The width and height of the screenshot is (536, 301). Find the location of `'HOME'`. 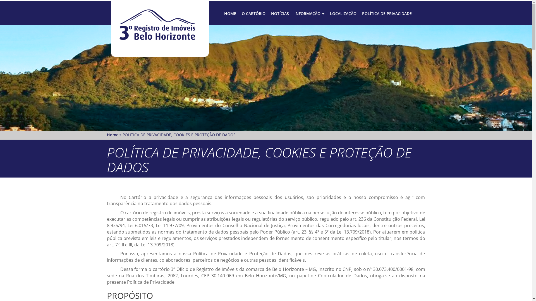

'HOME' is located at coordinates (230, 13).